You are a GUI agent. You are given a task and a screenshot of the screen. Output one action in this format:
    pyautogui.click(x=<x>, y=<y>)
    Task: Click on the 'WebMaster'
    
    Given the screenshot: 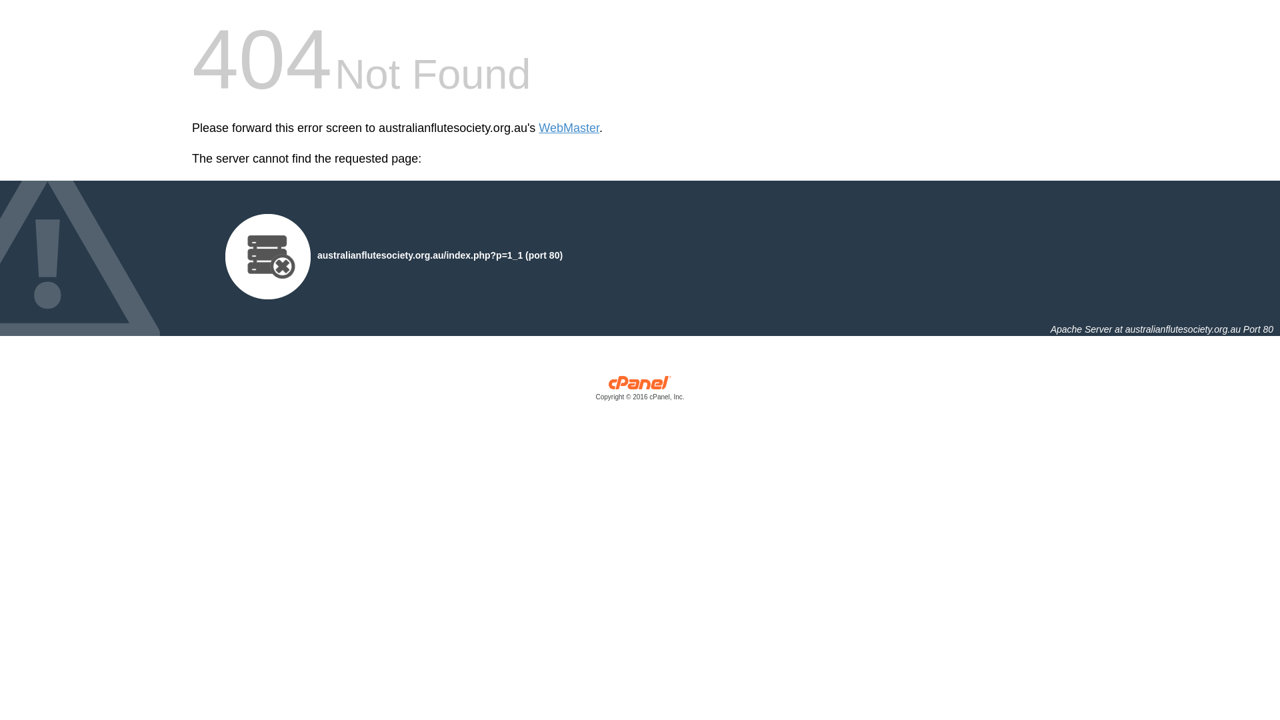 What is the action you would take?
    pyautogui.click(x=538, y=128)
    